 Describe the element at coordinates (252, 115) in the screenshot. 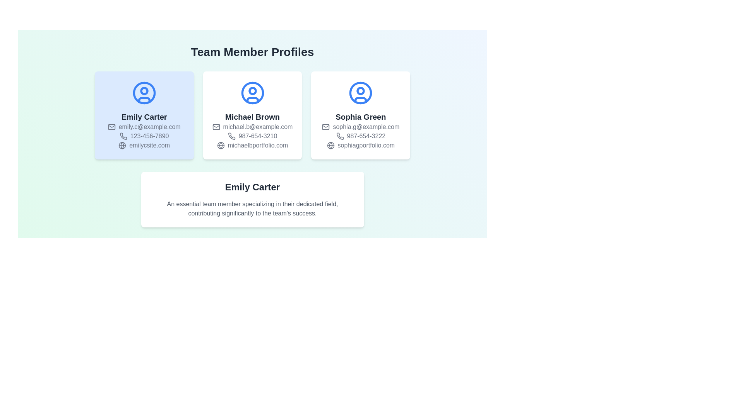

I see `the Information card displaying the profile of 'Michael Brown', which features a circular user icon at the top and contact details below` at that location.